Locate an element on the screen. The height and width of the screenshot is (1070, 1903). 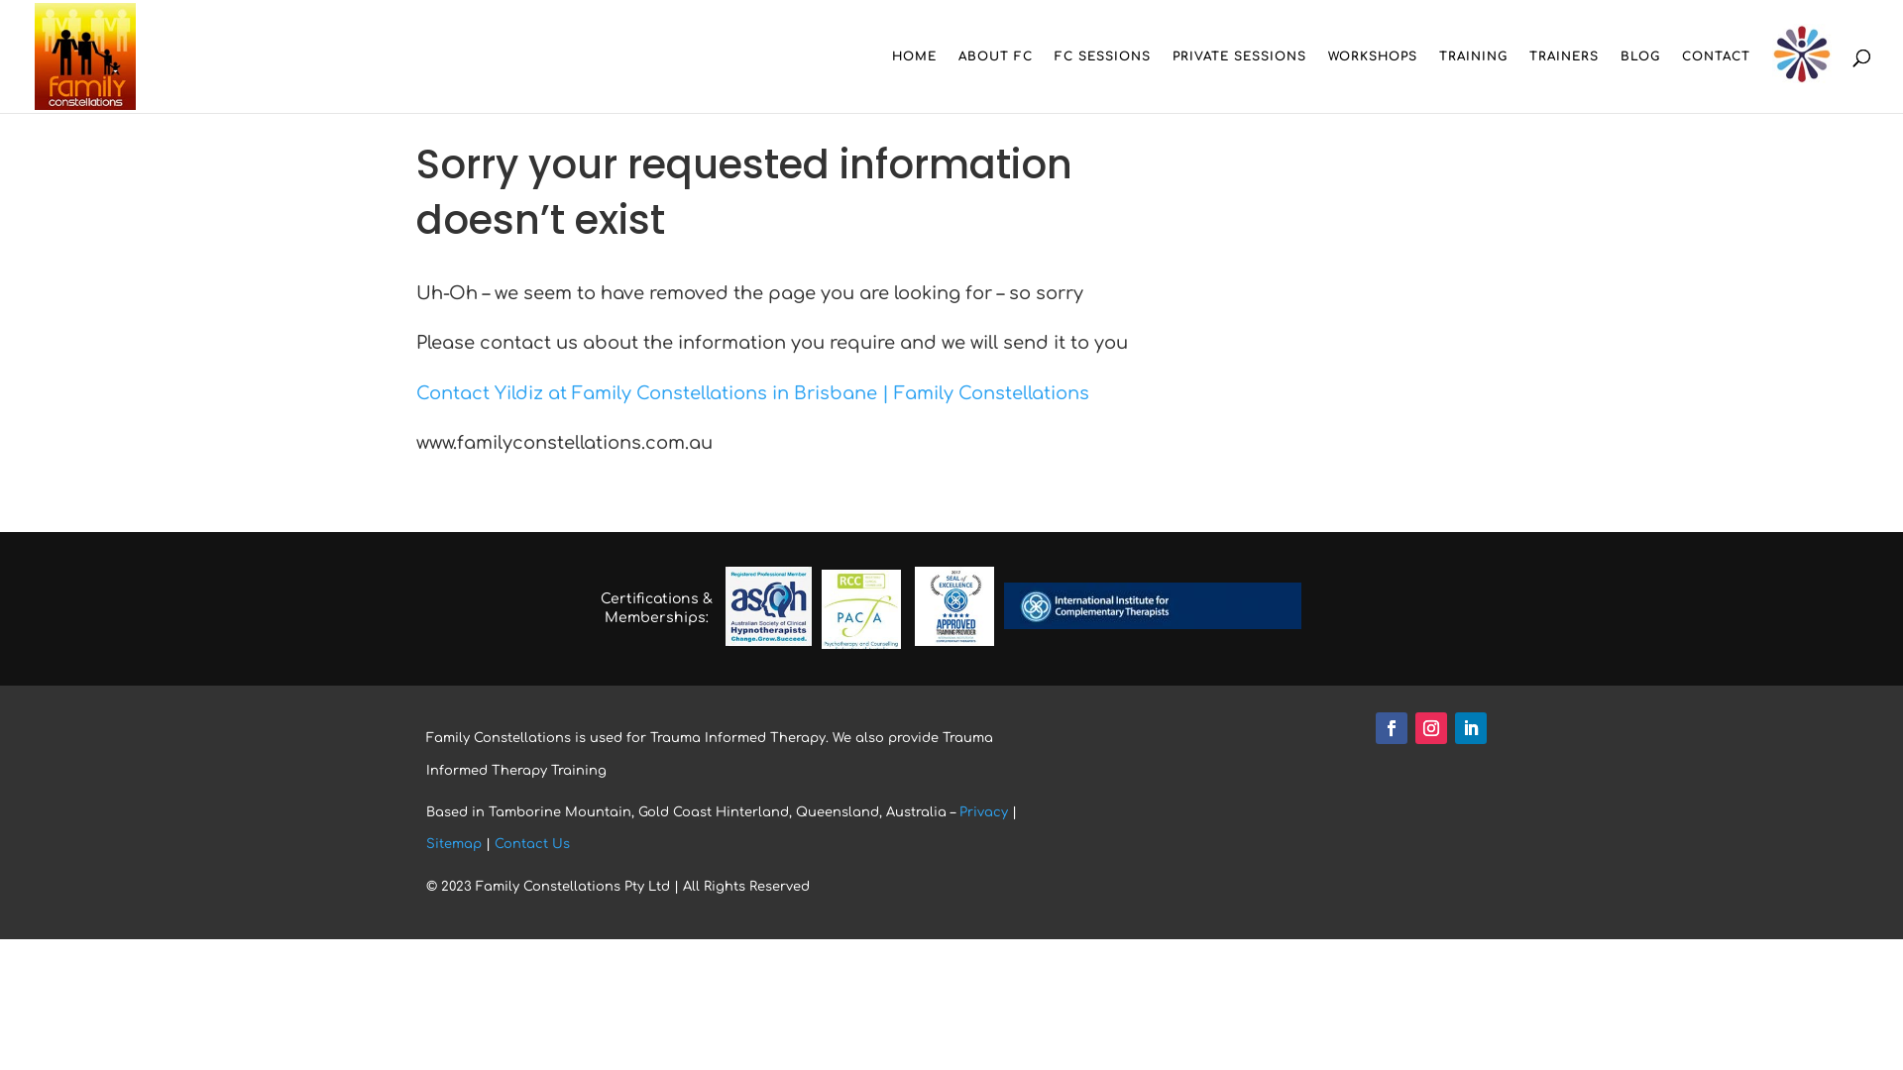
'Sitemap' is located at coordinates (452, 844).